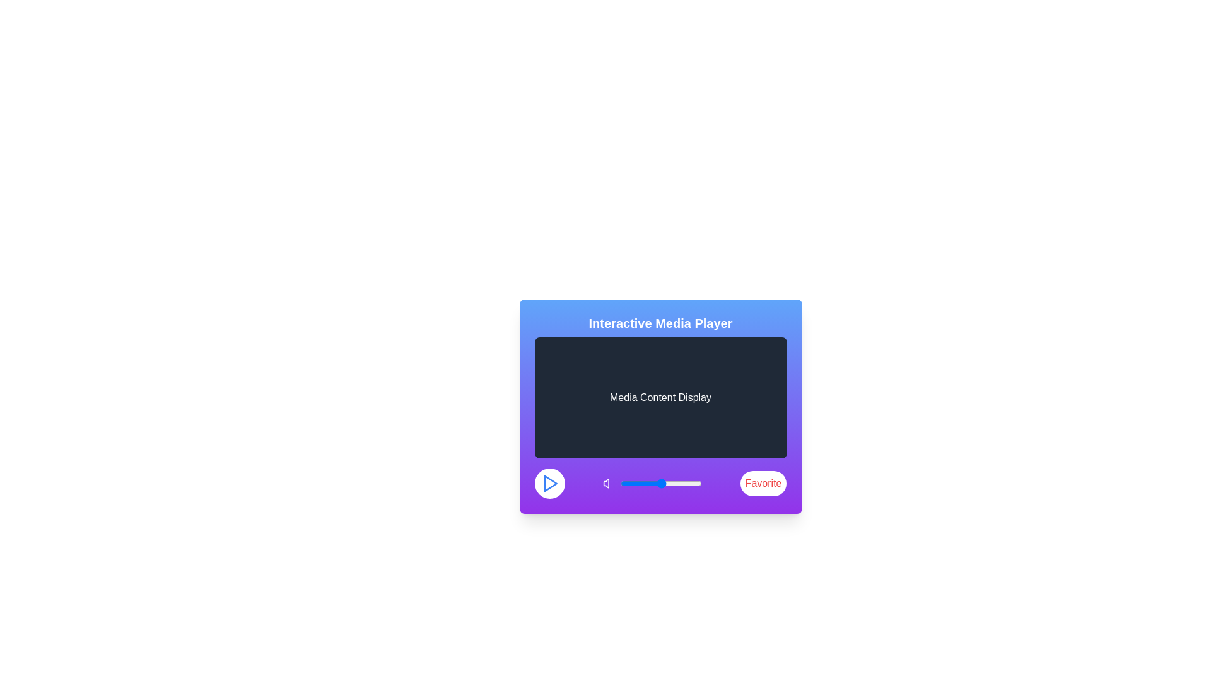 Image resolution: width=1211 pixels, height=681 pixels. I want to click on the slider, so click(665, 483).